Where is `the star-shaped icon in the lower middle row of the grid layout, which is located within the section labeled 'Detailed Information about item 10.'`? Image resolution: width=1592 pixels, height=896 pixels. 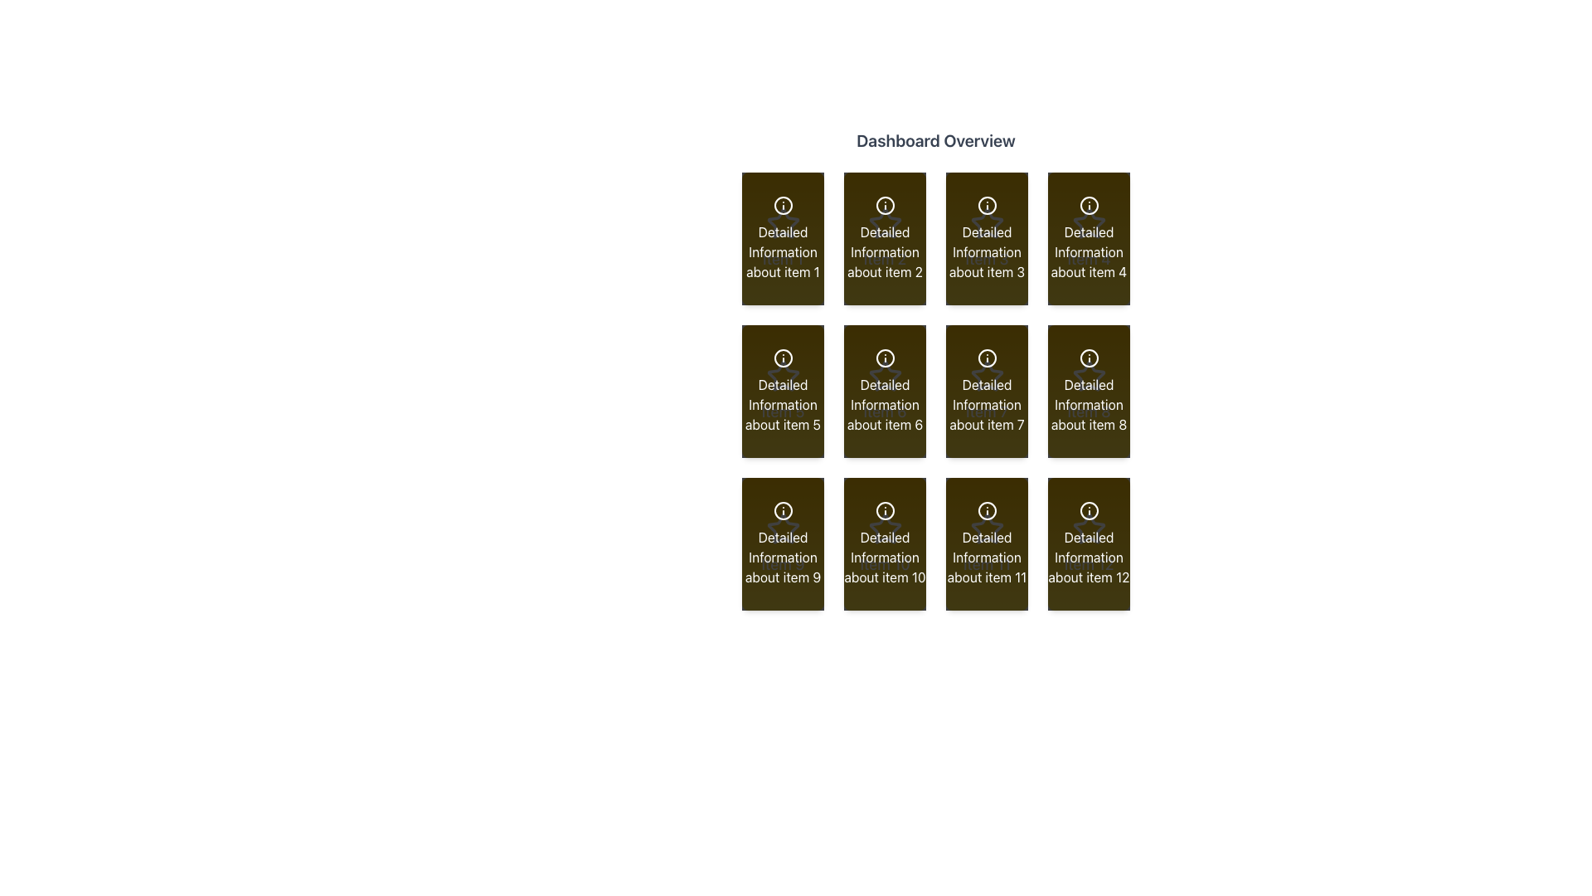
the star-shaped icon in the lower middle row of the grid layout, which is located within the section labeled 'Detailed Information about item 10.' is located at coordinates (884, 528).